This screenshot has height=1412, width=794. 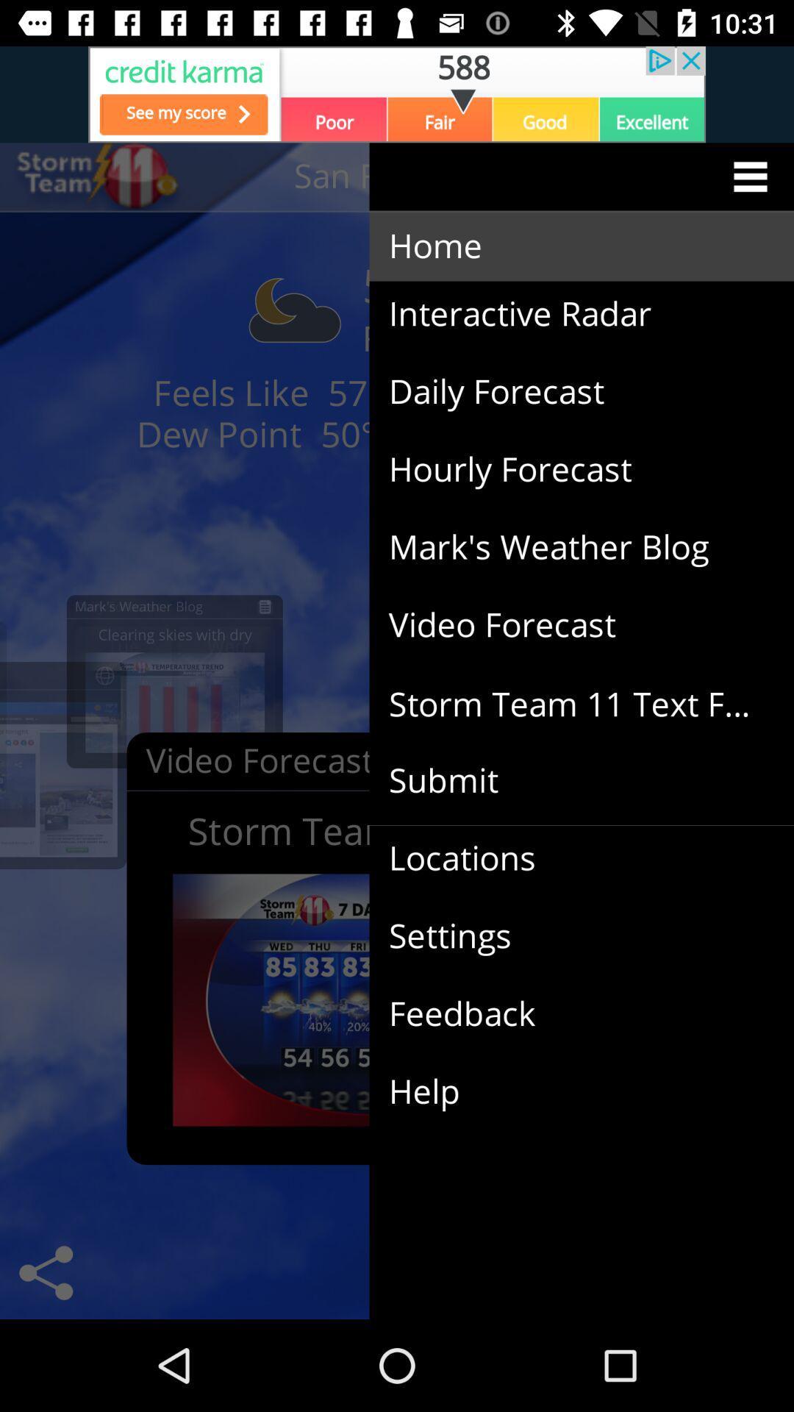 I want to click on the share icon, so click(x=45, y=1272).